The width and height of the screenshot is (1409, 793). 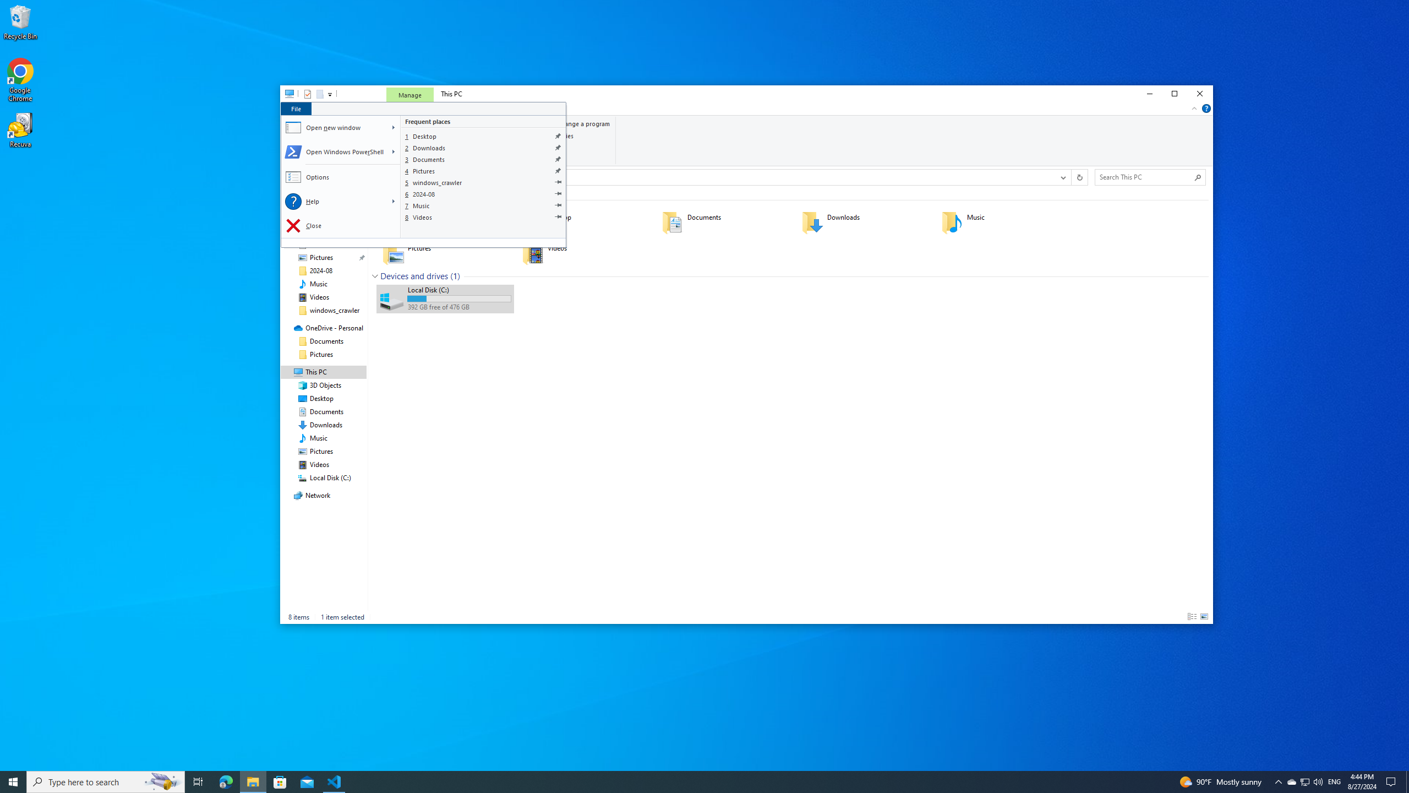 What do you see at coordinates (341, 177) in the screenshot?
I see `'Options'` at bounding box center [341, 177].